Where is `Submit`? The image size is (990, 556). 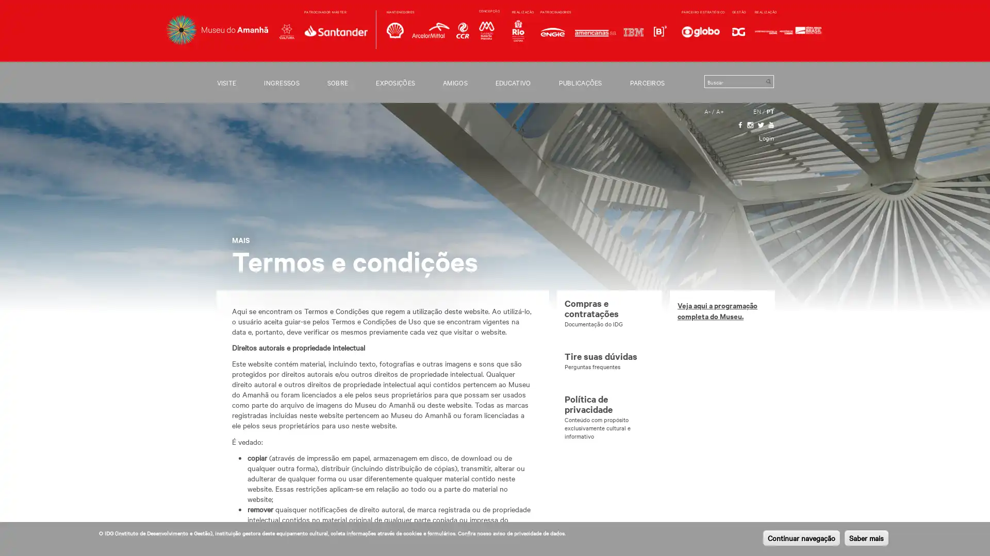
Submit is located at coordinates (768, 81).